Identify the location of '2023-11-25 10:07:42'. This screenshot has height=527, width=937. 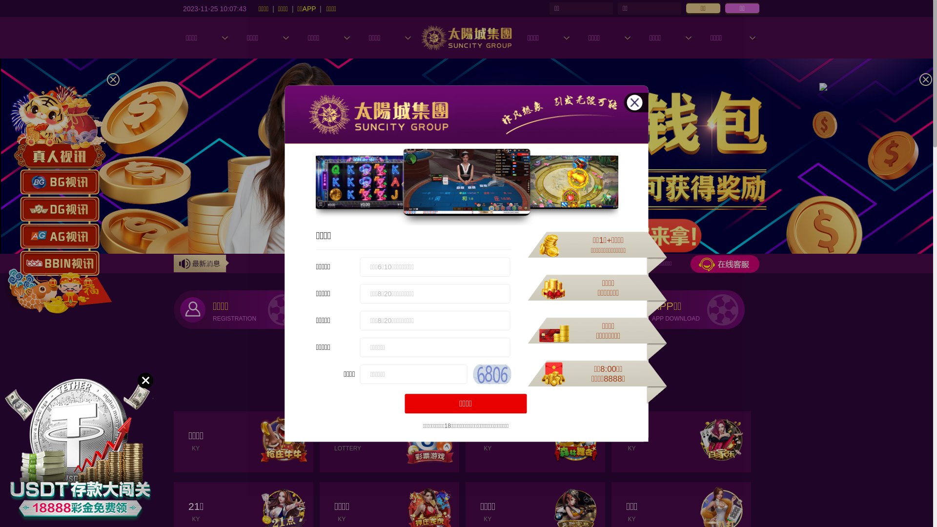
(214, 8).